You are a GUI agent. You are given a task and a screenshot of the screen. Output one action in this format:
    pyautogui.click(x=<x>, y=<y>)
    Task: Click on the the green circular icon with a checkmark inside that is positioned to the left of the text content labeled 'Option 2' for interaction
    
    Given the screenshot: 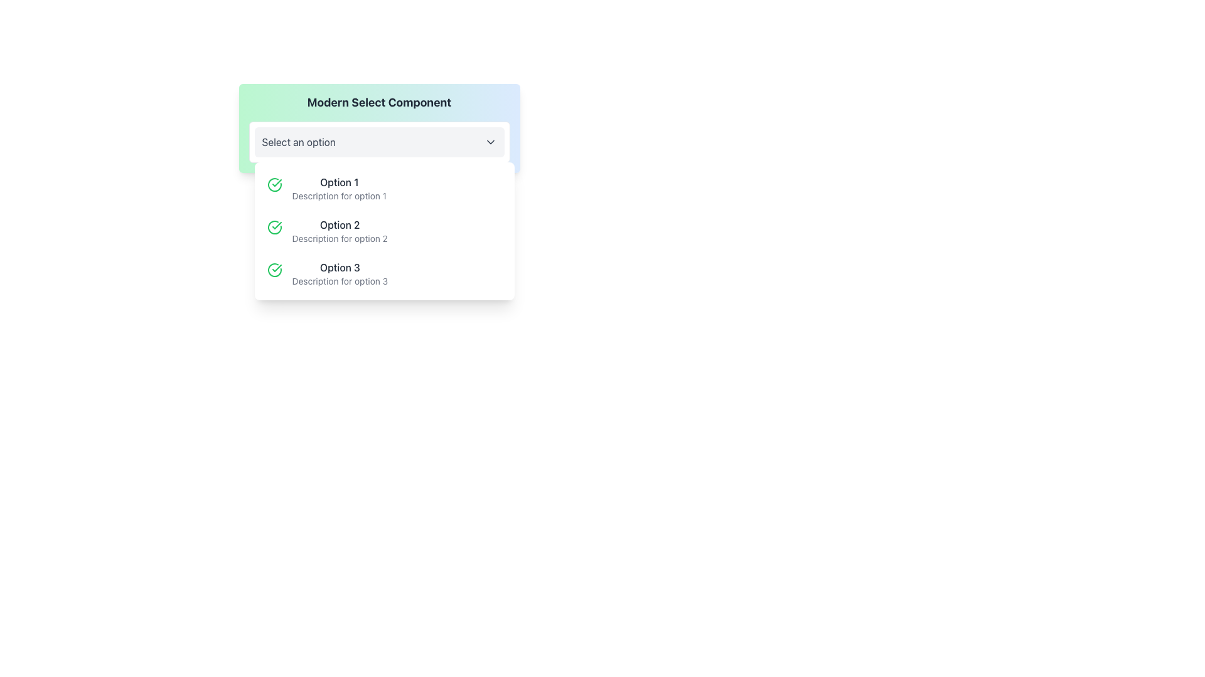 What is the action you would take?
    pyautogui.click(x=274, y=227)
    